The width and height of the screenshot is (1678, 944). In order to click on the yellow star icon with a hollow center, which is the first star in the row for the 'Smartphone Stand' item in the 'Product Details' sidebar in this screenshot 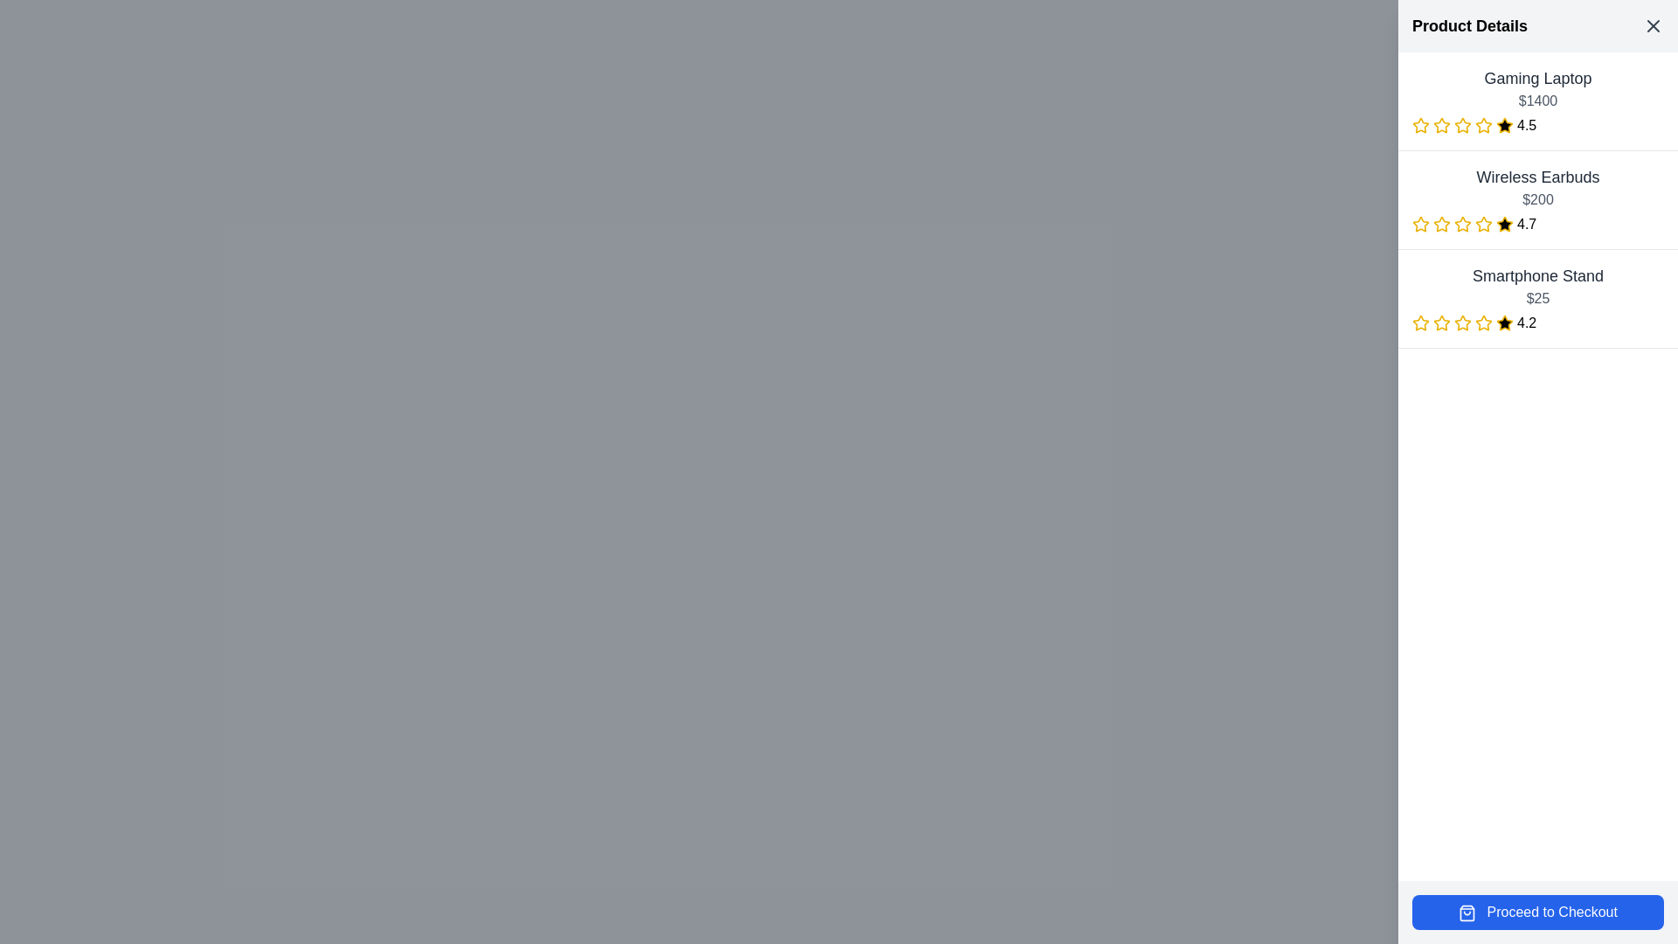, I will do `click(1421, 323)`.